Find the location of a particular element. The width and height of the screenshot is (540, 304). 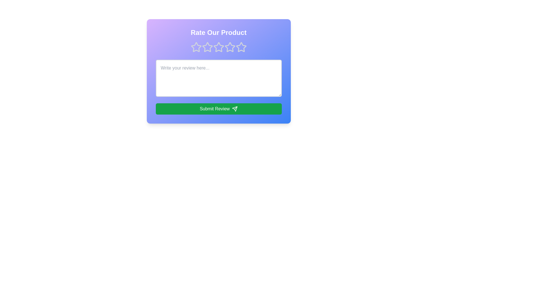

the fourth star icon in the row of five star icons is located at coordinates (241, 46).